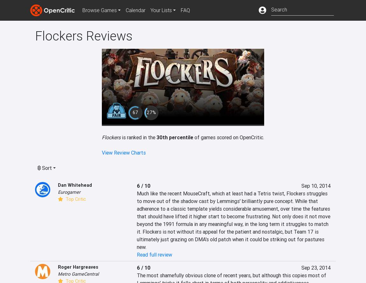 The width and height of the screenshot is (366, 283). Describe the element at coordinates (78, 273) in the screenshot. I see `'Metro GameCentral'` at that location.